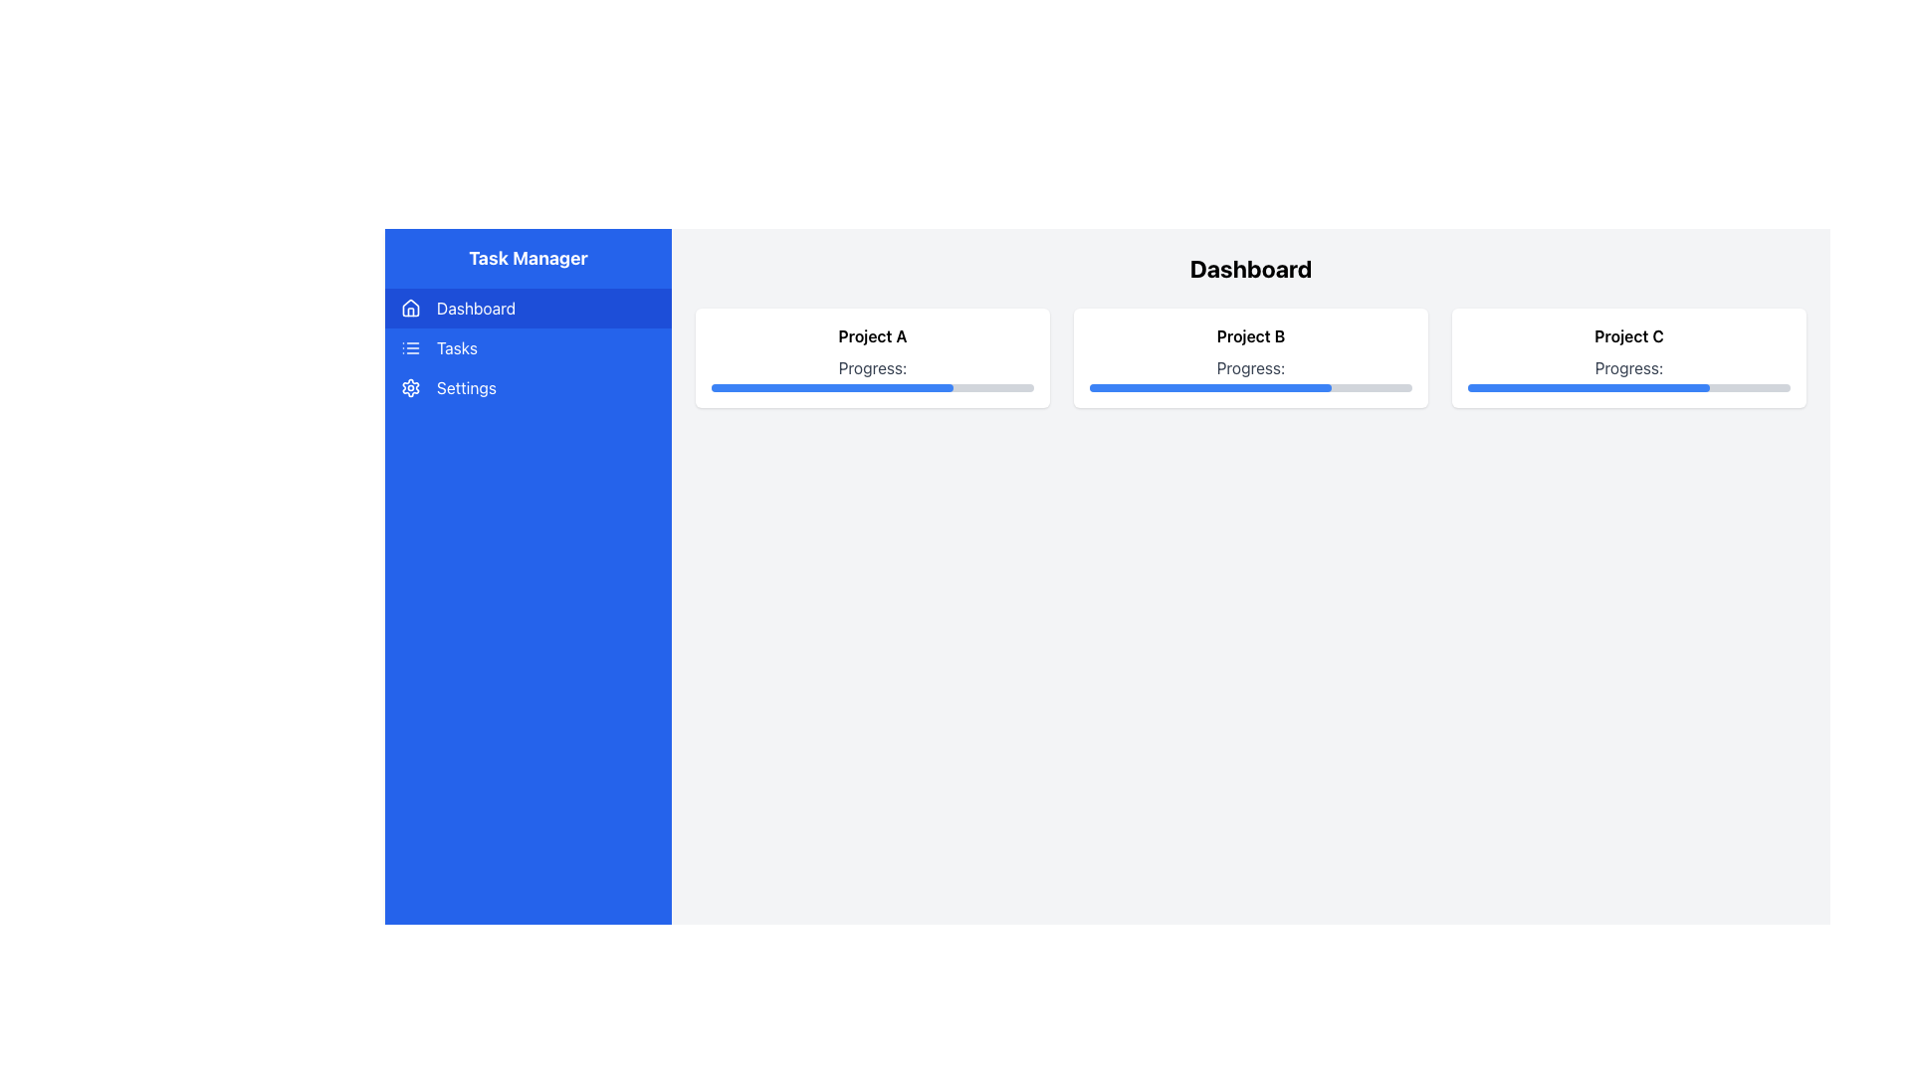  I want to click on label of the Text Label indicating the purpose of the progress bar for 'Project C', which is located above the progress bar in the card, so click(1628, 373).